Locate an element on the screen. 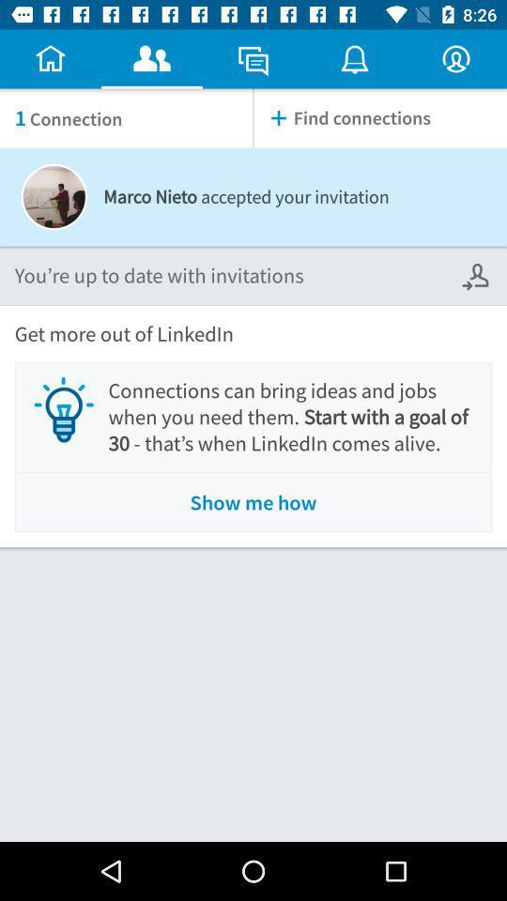 The width and height of the screenshot is (507, 901). the icon below find connections icon is located at coordinates (477, 275).